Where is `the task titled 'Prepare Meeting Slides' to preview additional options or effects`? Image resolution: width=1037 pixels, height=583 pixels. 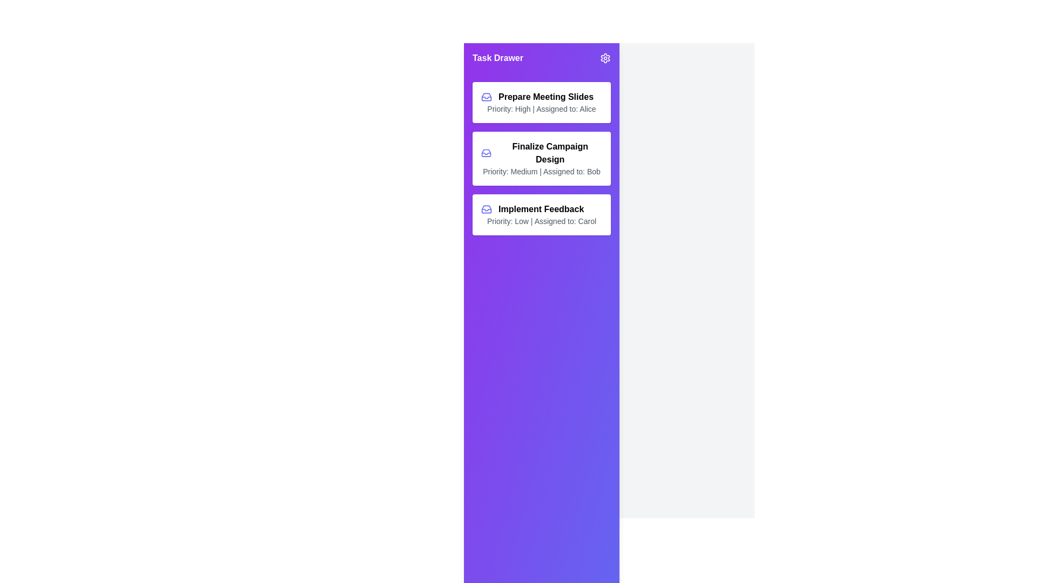 the task titled 'Prepare Meeting Slides' to preview additional options or effects is located at coordinates (542, 102).